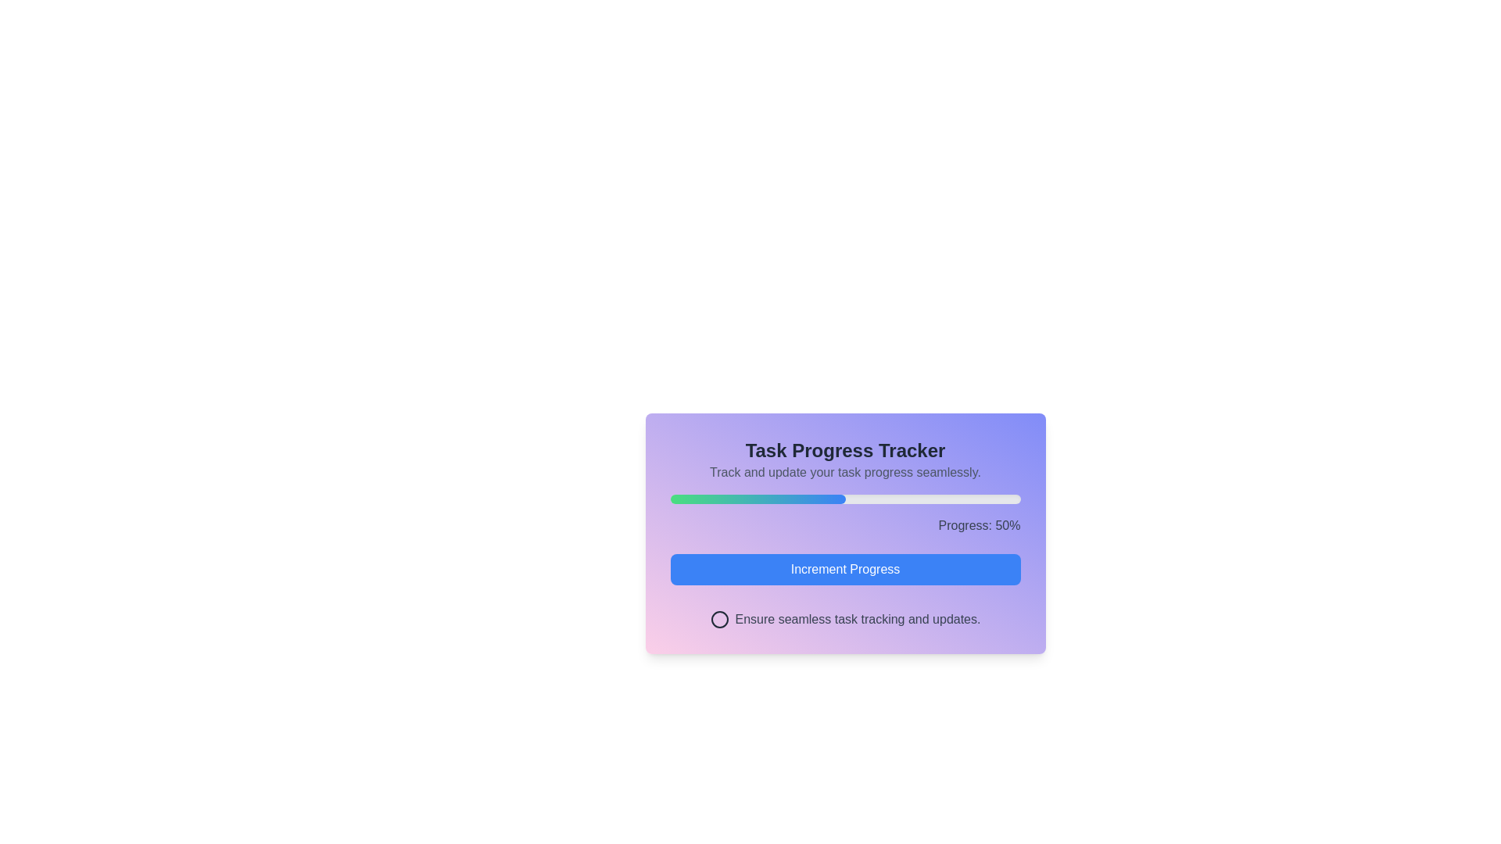 The height and width of the screenshot is (844, 1501). I want to click on the static text label located at the bottom of the task tracking card, below the 'Increment Progress' button, so click(844, 619).